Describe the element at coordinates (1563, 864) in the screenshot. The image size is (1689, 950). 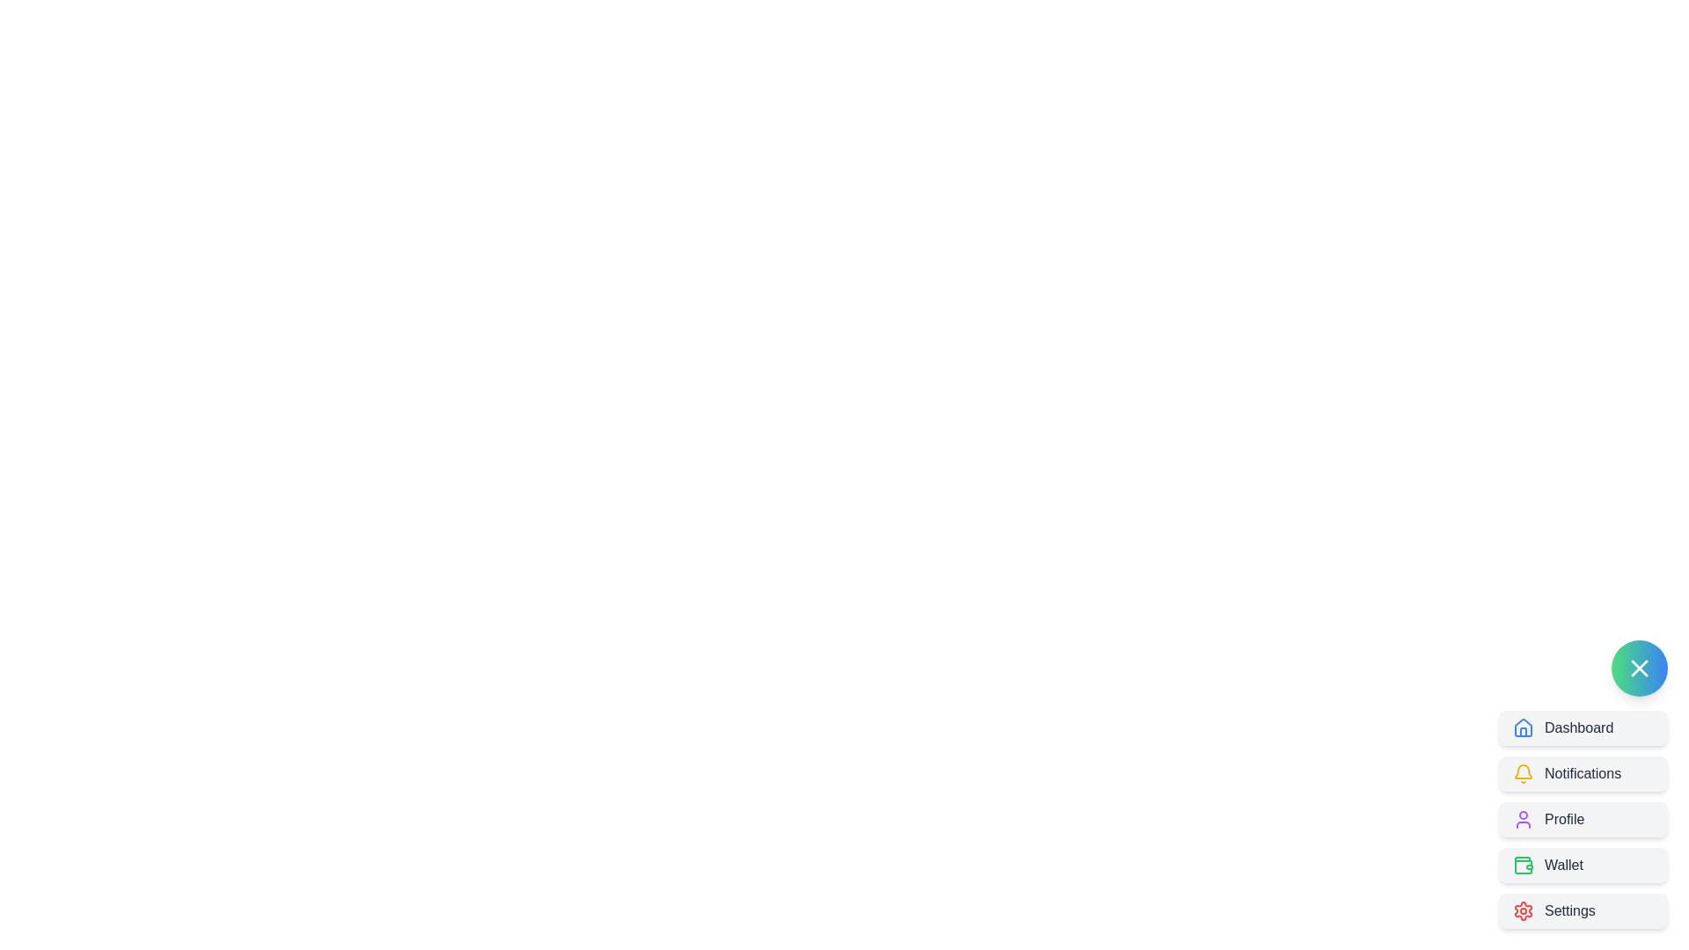
I see `the 'Wallet' text label located within the menu` at that location.